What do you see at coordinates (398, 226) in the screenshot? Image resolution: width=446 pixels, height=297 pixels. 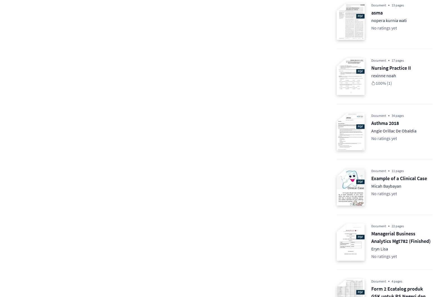 I see `'22 pages'` at bounding box center [398, 226].